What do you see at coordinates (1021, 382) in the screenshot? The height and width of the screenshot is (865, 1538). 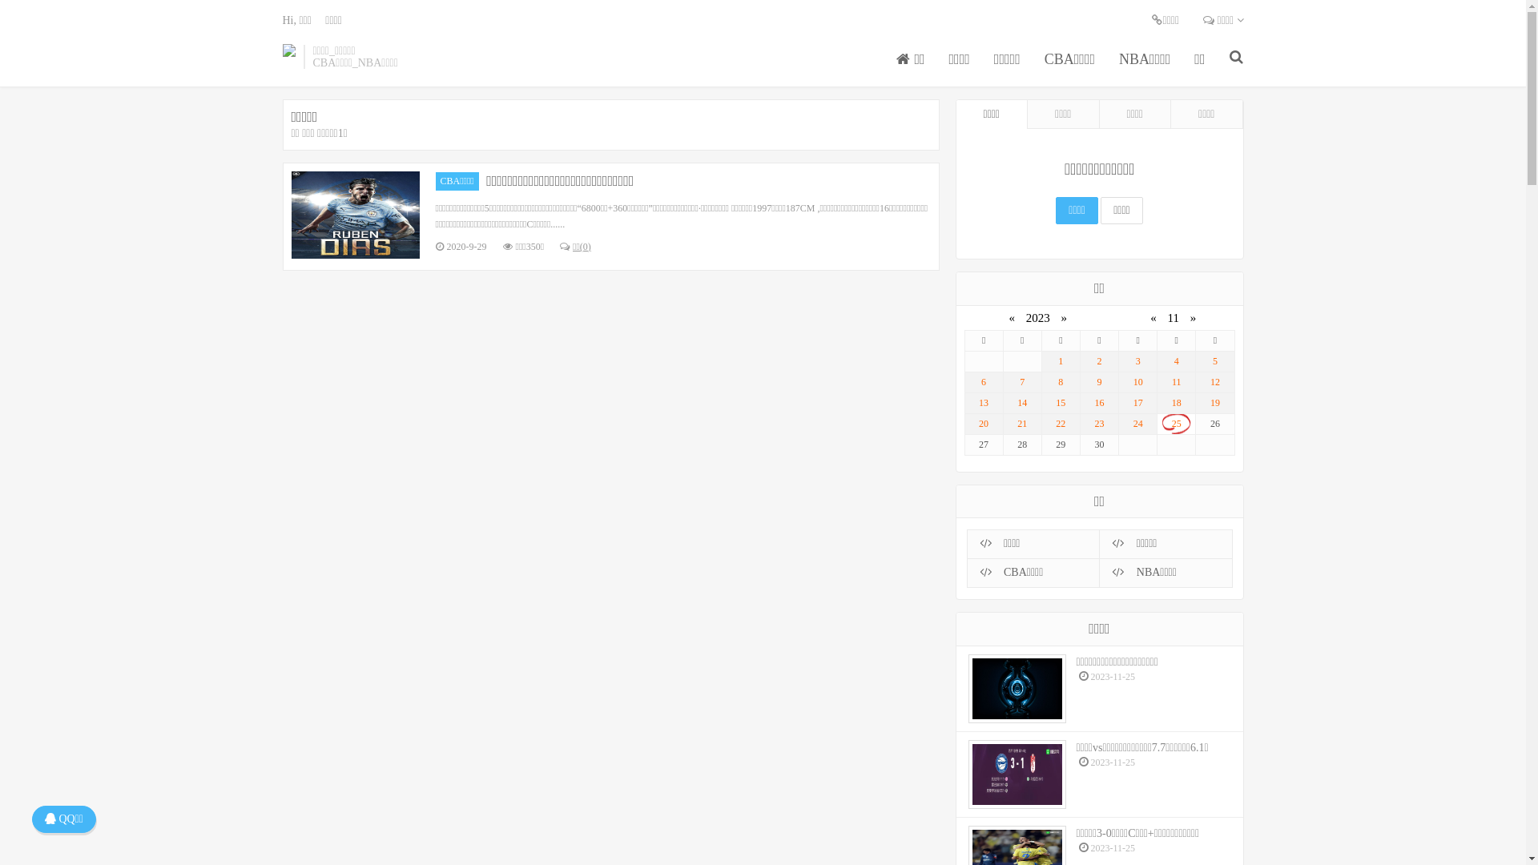 I see `'7'` at bounding box center [1021, 382].